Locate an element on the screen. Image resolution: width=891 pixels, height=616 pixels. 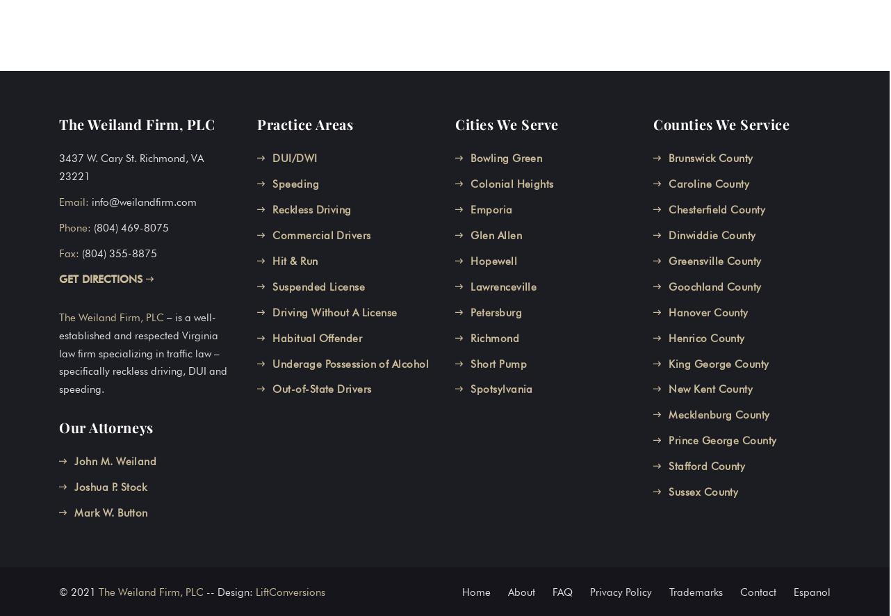
'3437 W. Cary St. Richmond, VA 23221' is located at coordinates (130, 166).